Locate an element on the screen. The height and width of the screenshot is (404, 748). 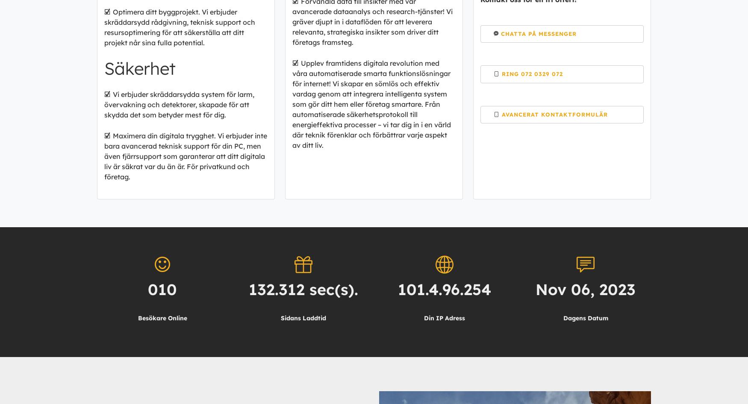
'Säkerhet' is located at coordinates (140, 68).